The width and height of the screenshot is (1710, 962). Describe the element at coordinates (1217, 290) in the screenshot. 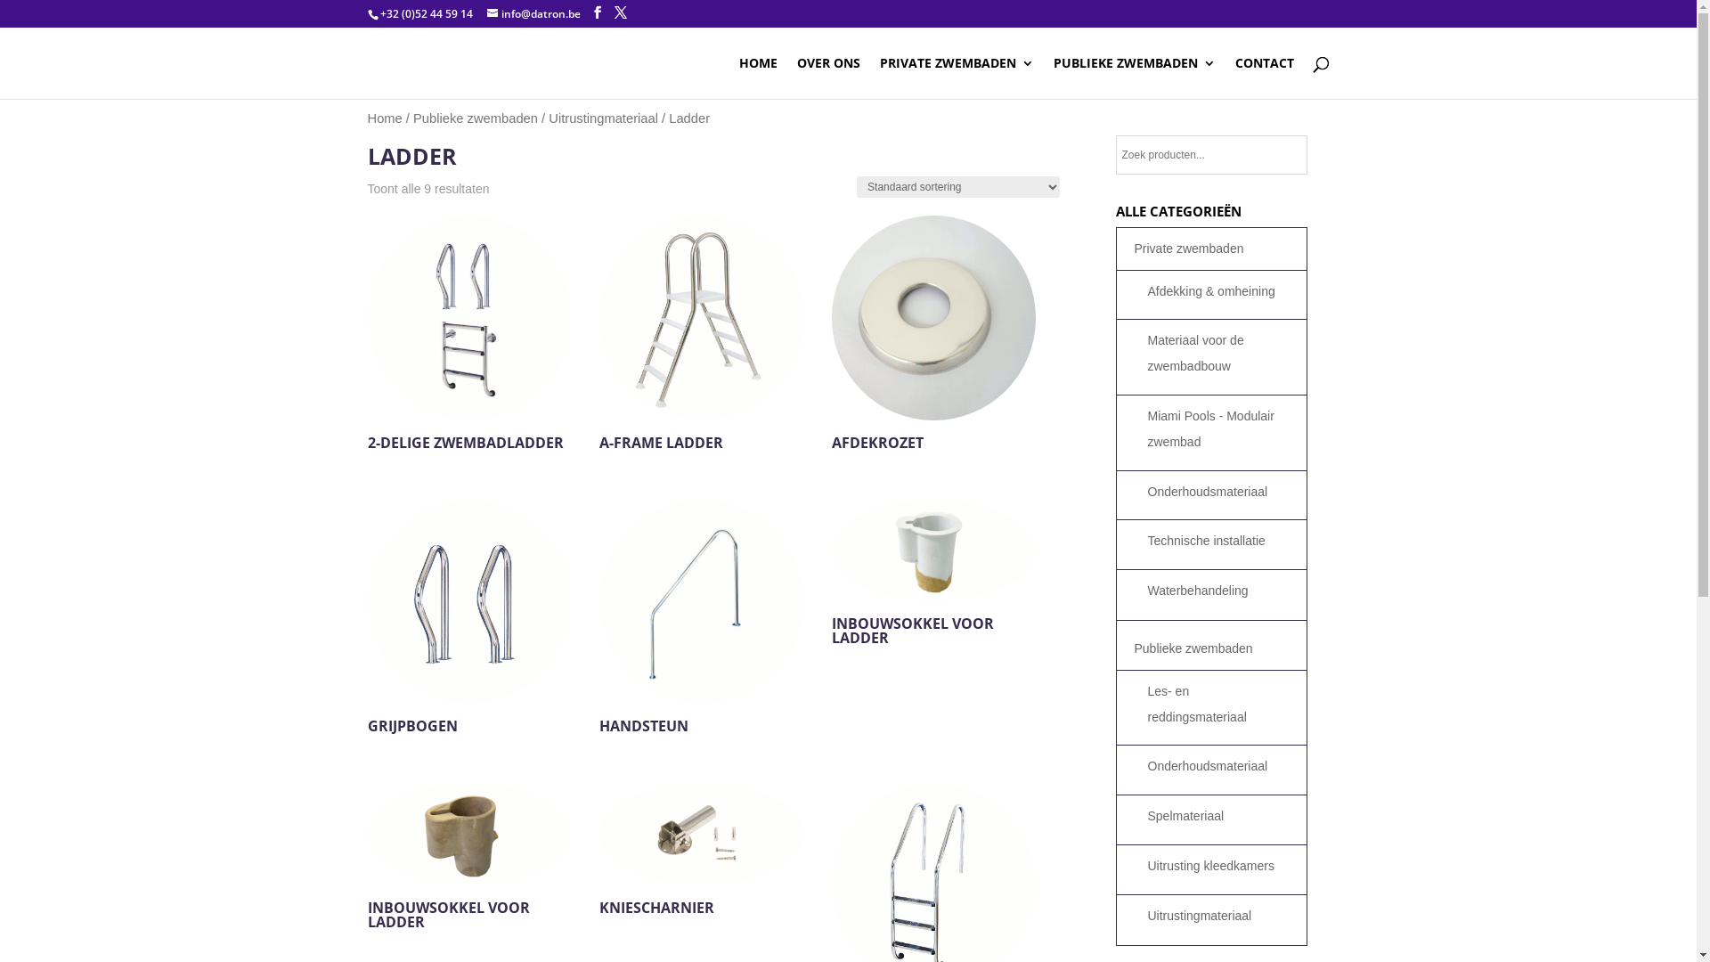

I see `'Afdekking & omheining'` at that location.